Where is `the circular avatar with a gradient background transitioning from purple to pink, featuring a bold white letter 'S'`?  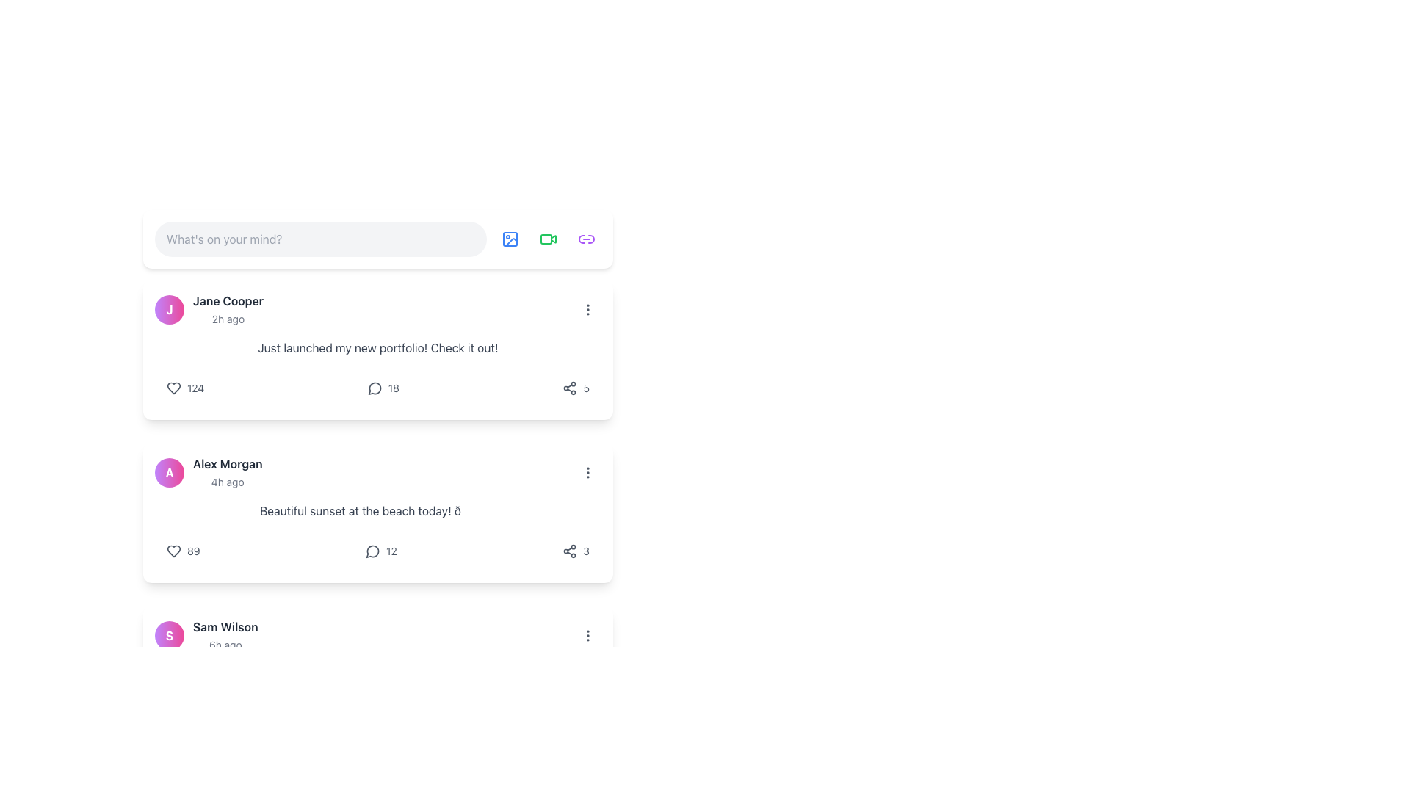 the circular avatar with a gradient background transitioning from purple to pink, featuring a bold white letter 'S' is located at coordinates (169, 635).